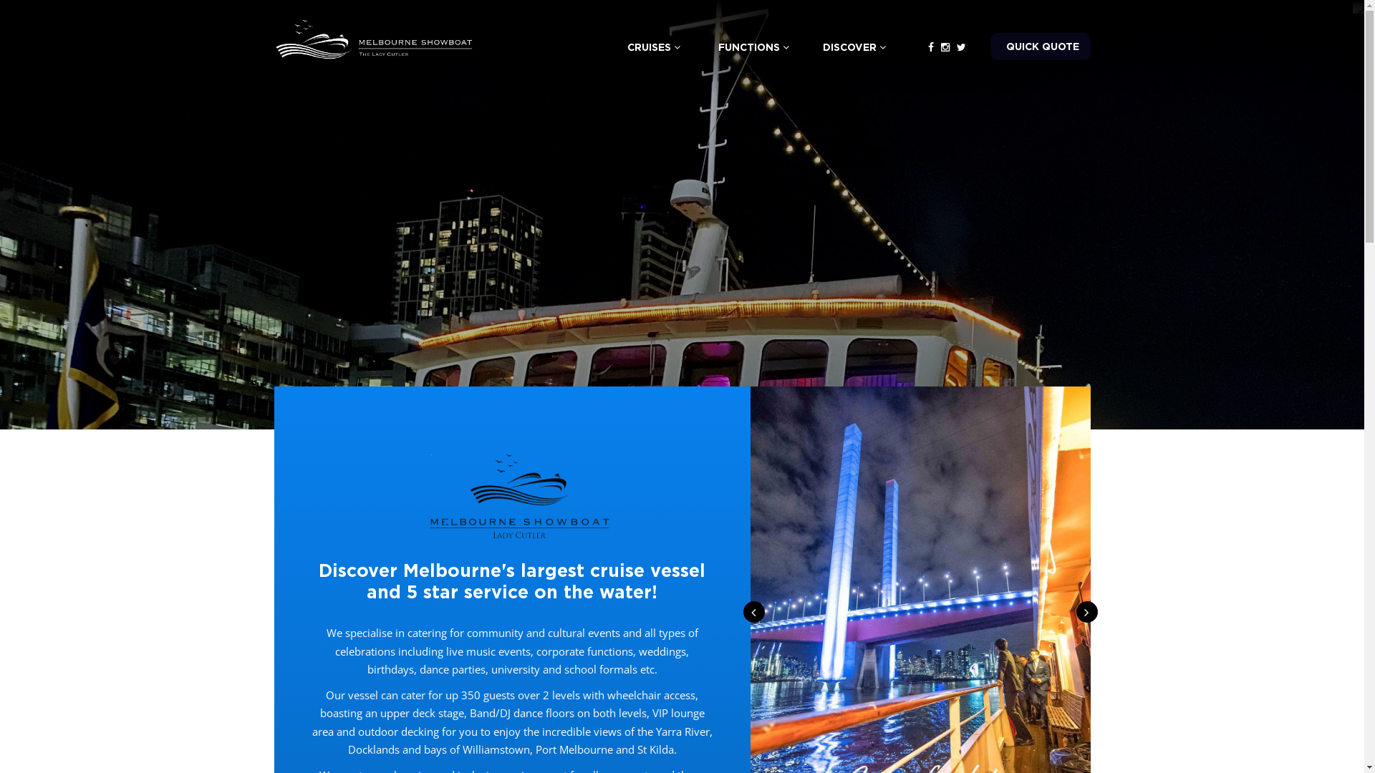 Image resolution: width=1375 pixels, height=773 pixels. I want to click on 'Follow us on Instagram', so click(945, 46).